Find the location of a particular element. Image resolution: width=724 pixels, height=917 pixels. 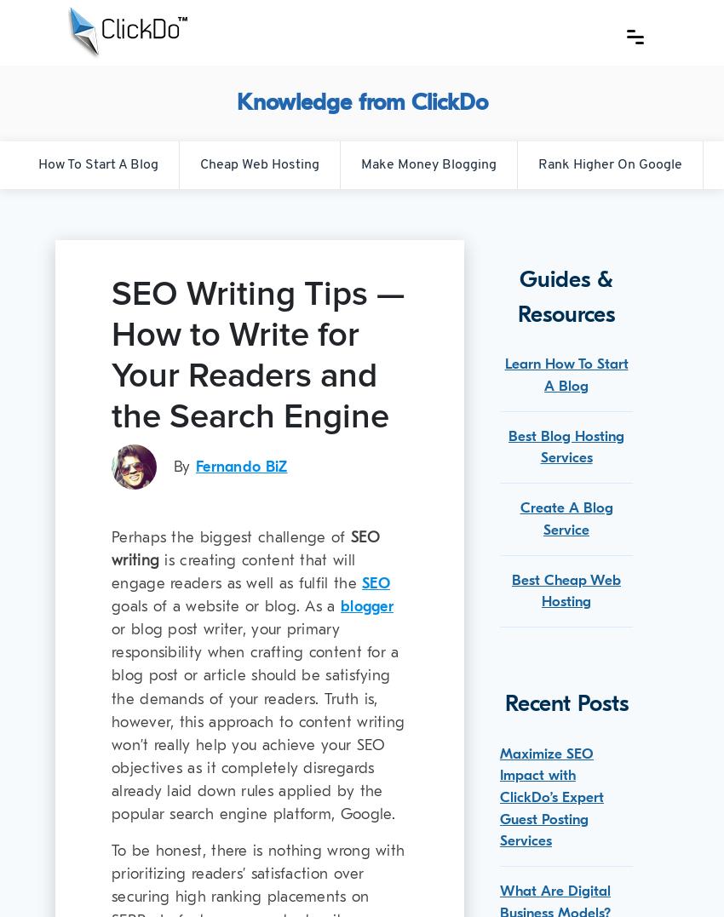

'How To Start A Blog' is located at coordinates (96, 163).